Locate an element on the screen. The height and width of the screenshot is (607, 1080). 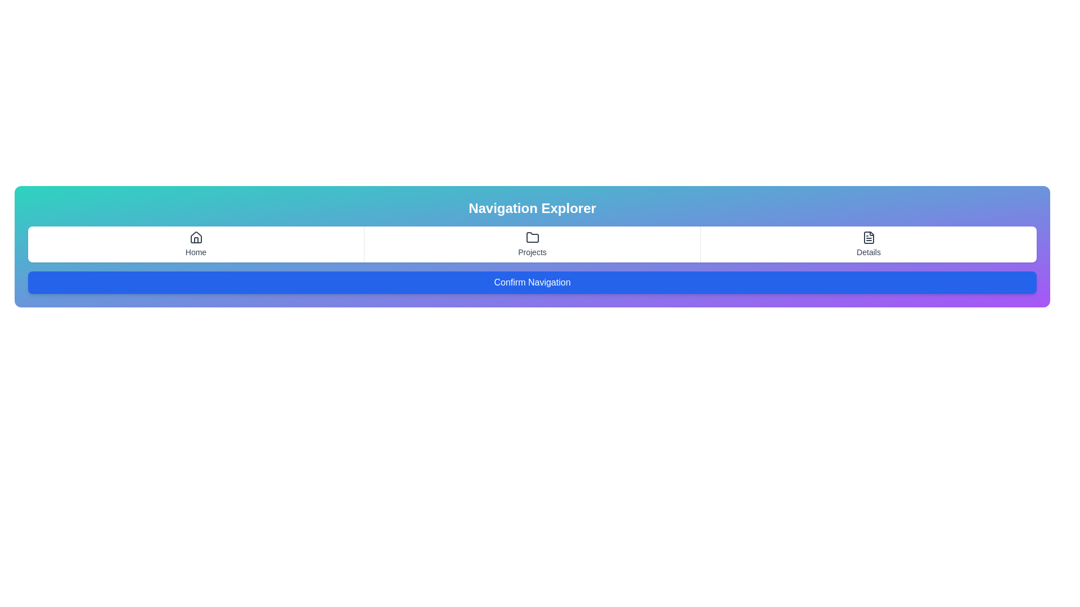
the dark gray house icon located above the 'Home' text label in the navigation bar is located at coordinates (196, 237).